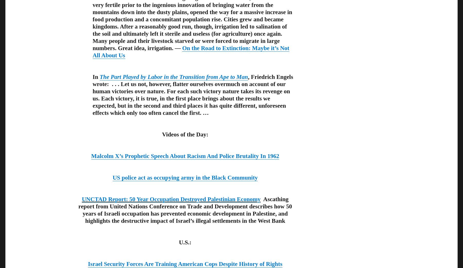 The height and width of the screenshot is (268, 463). What do you see at coordinates (190, 51) in the screenshot?
I see `'On the Road to Extinction: Maybe it’s Not All About Us'` at bounding box center [190, 51].